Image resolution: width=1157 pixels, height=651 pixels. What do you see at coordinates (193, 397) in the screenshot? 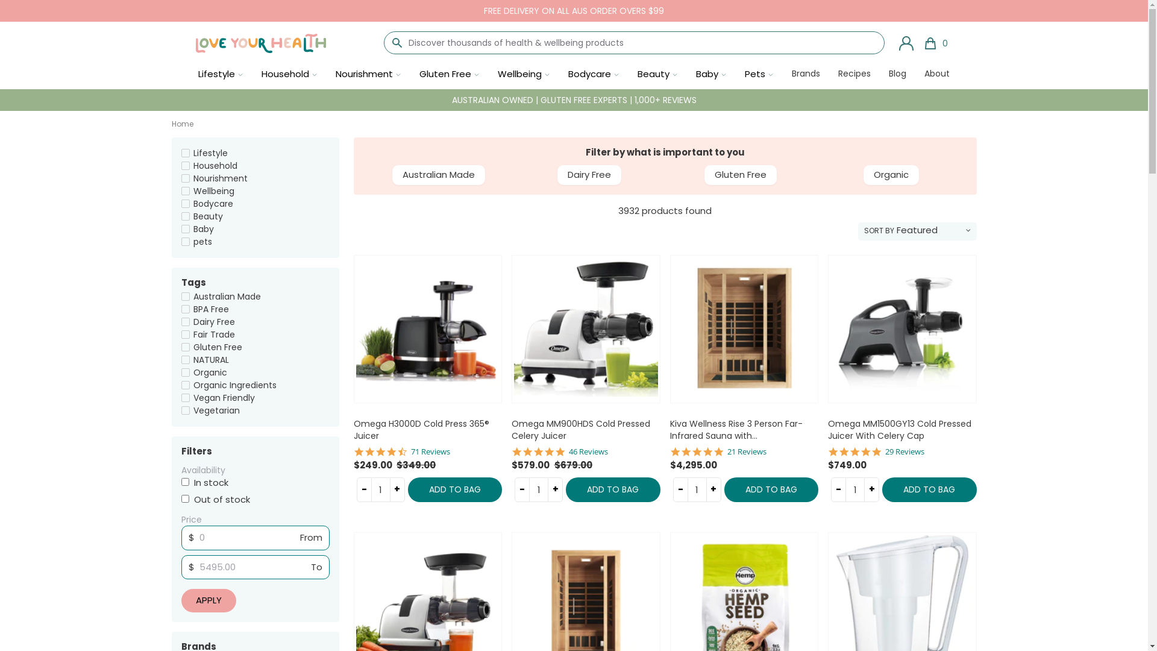
I see `'Vegan Friendly'` at bounding box center [193, 397].